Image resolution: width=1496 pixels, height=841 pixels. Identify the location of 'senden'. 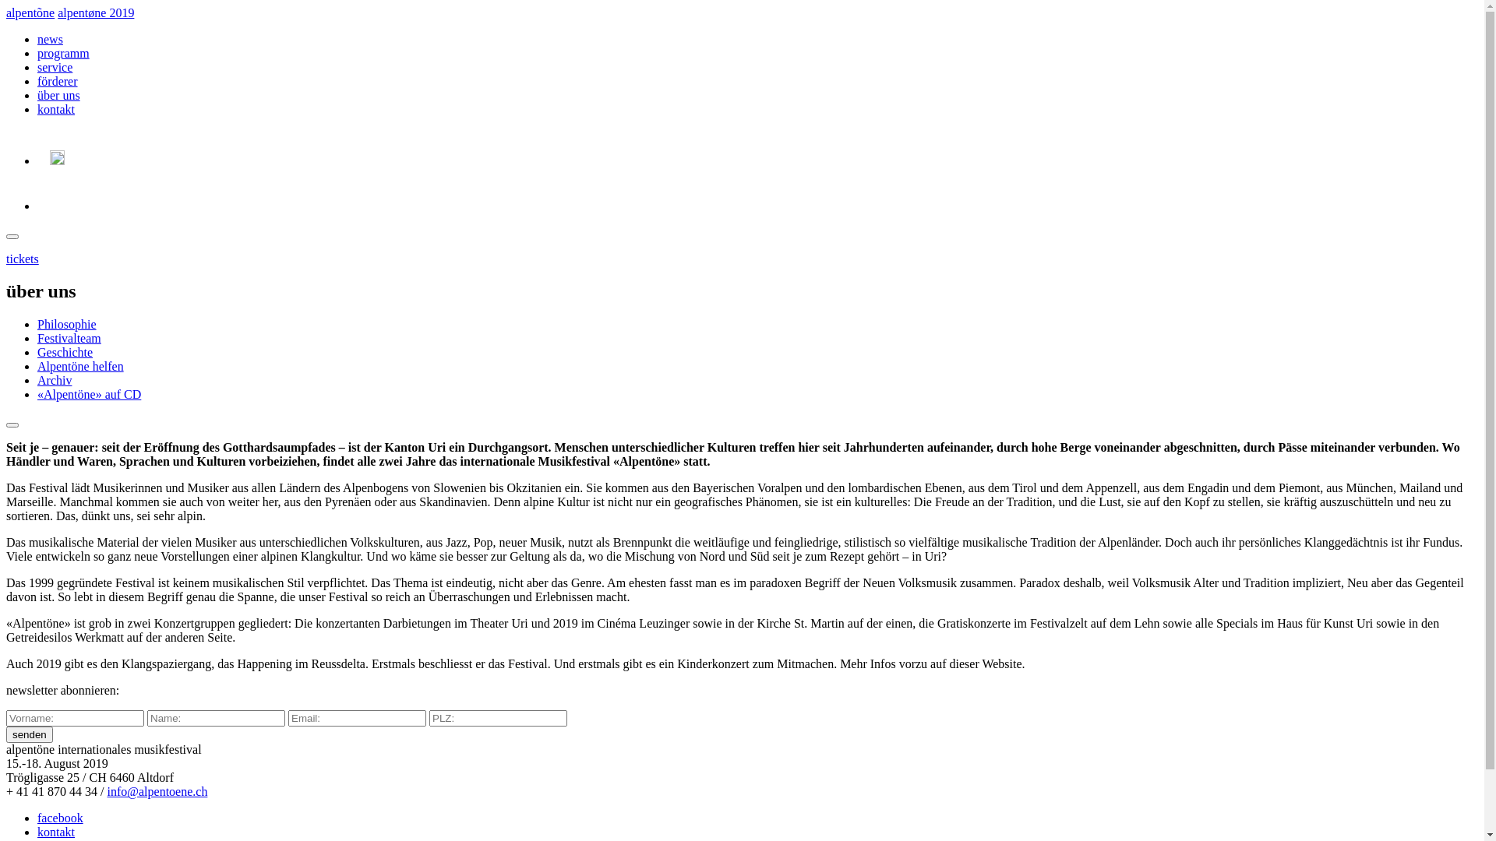
(30, 734).